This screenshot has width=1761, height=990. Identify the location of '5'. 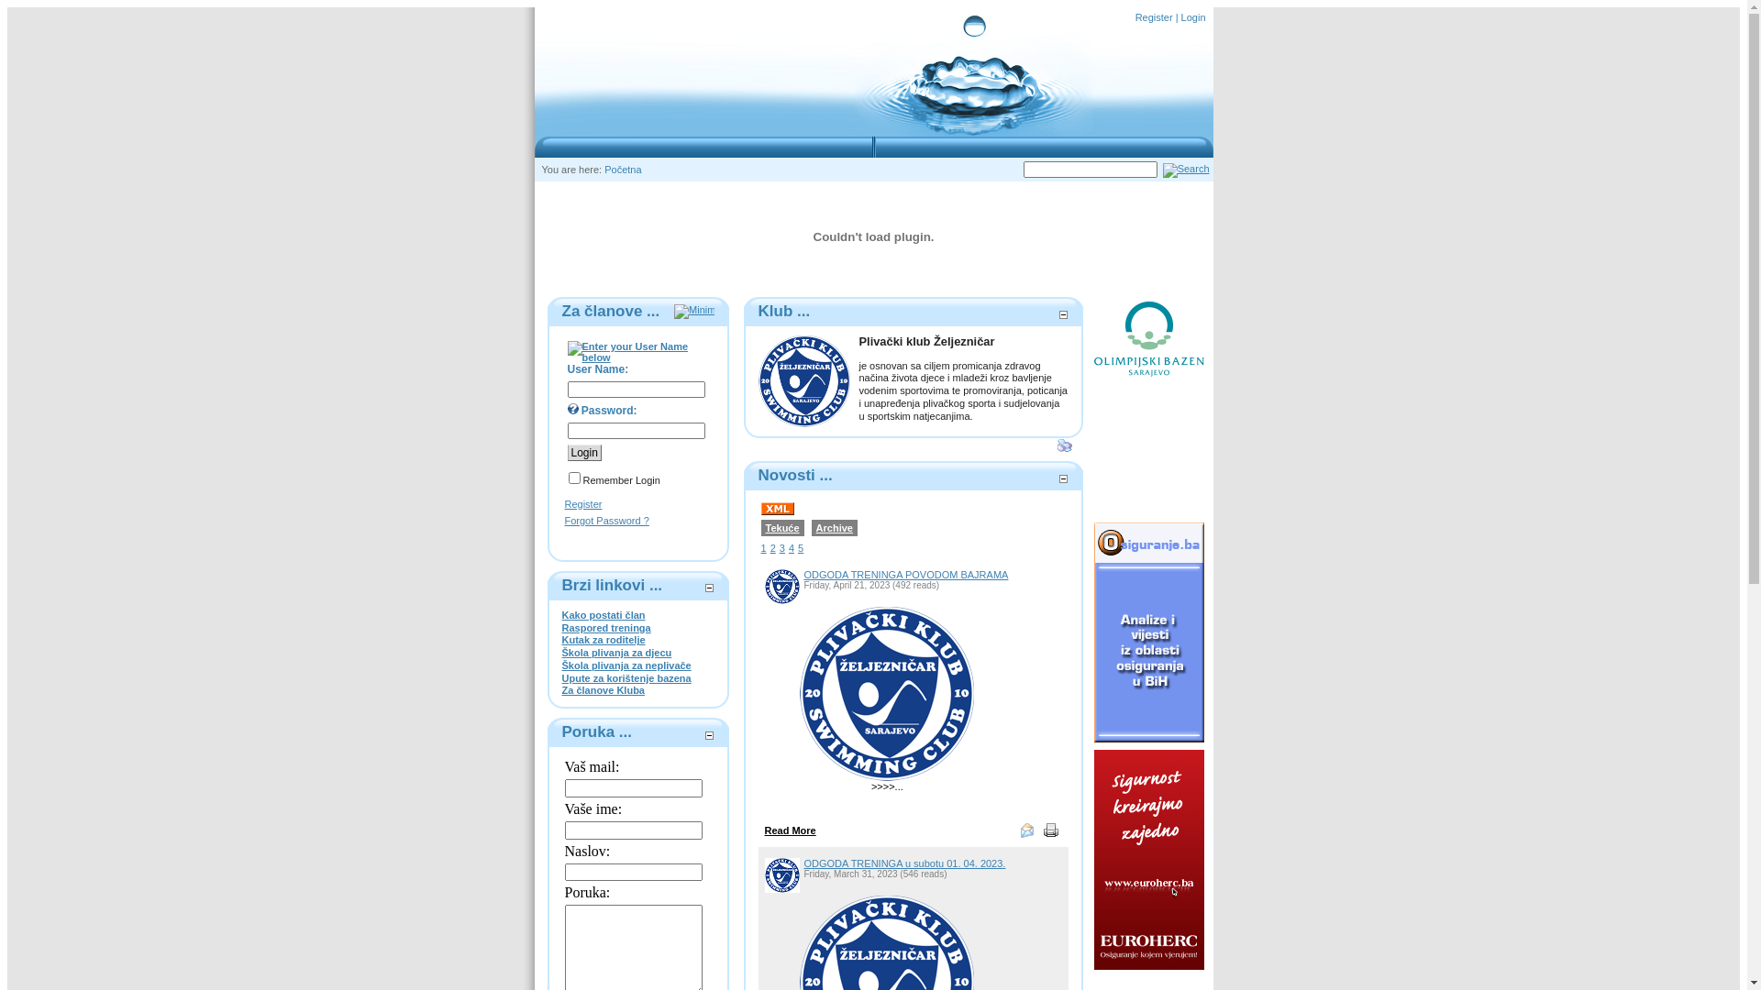
(801, 546).